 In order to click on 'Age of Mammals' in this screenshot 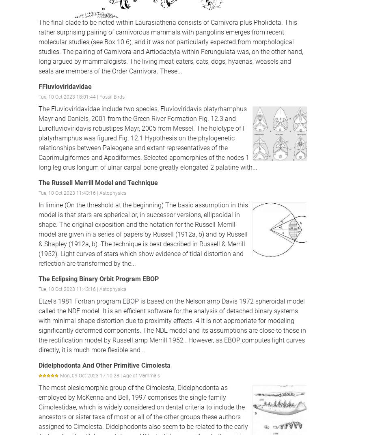, I will do `click(141, 375)`.